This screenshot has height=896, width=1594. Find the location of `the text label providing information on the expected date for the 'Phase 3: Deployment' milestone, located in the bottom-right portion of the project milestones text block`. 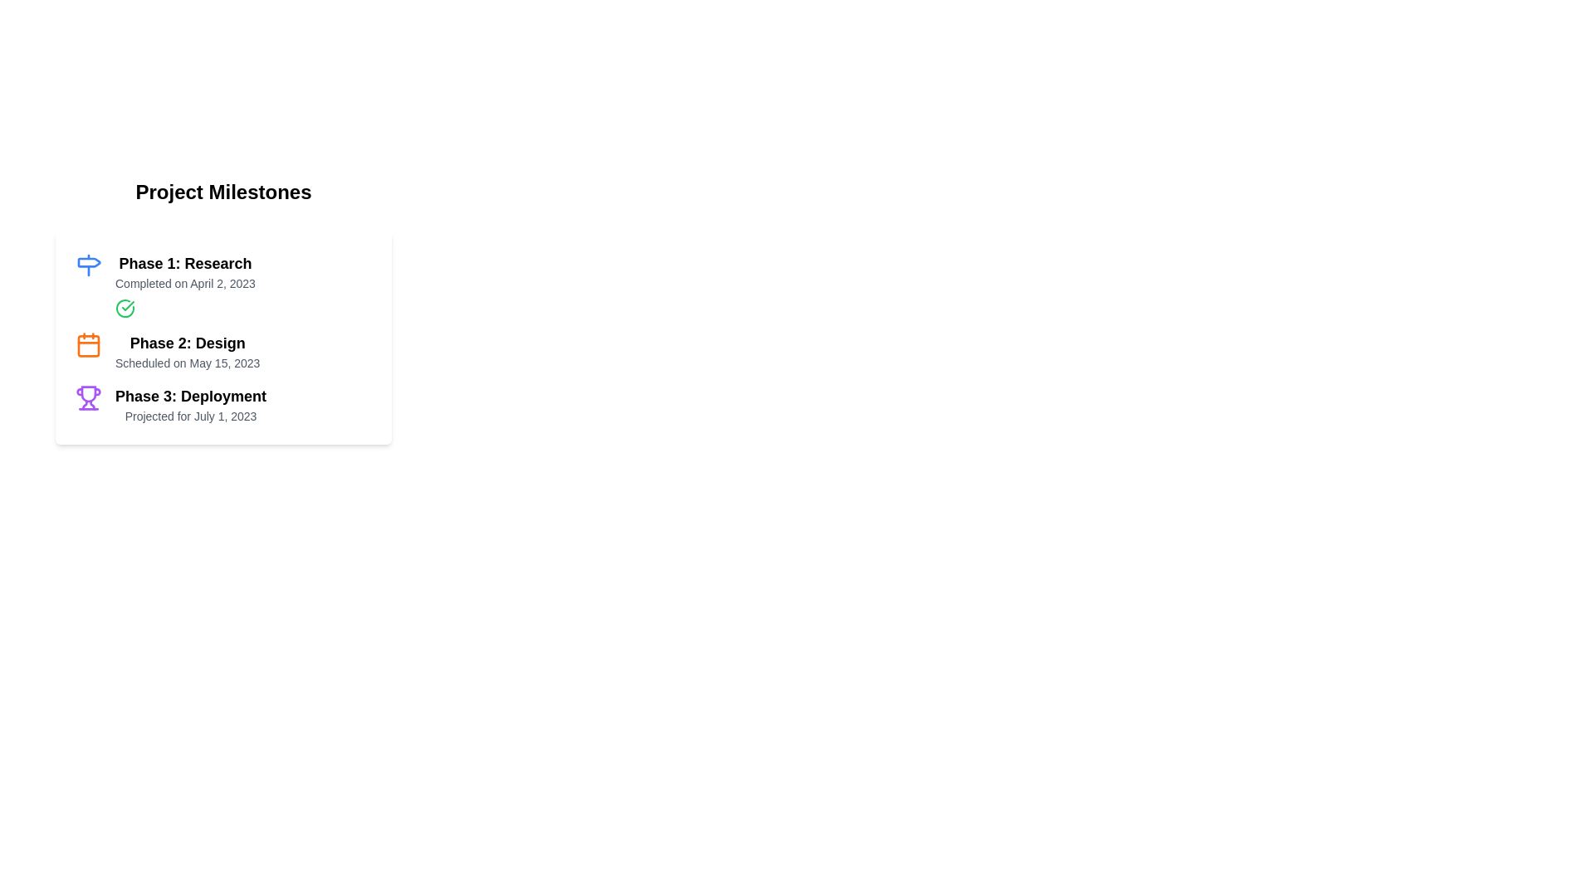

the text label providing information on the expected date for the 'Phase 3: Deployment' milestone, located in the bottom-right portion of the project milestones text block is located at coordinates (191, 415).